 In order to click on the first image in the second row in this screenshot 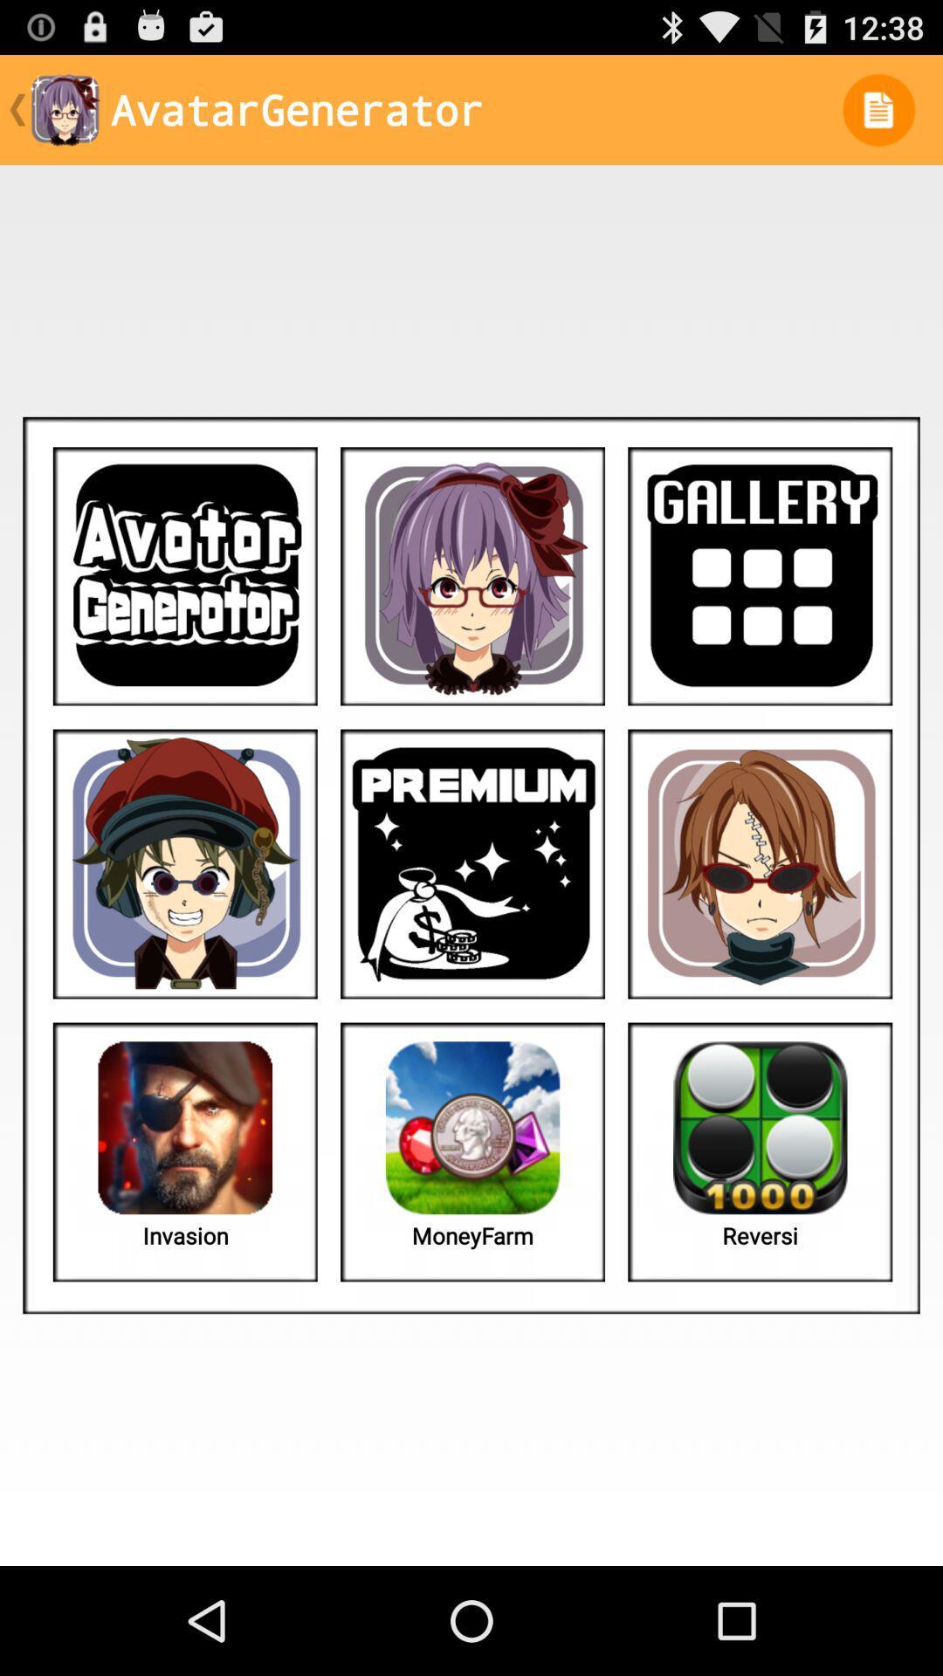, I will do `click(185, 864)`.